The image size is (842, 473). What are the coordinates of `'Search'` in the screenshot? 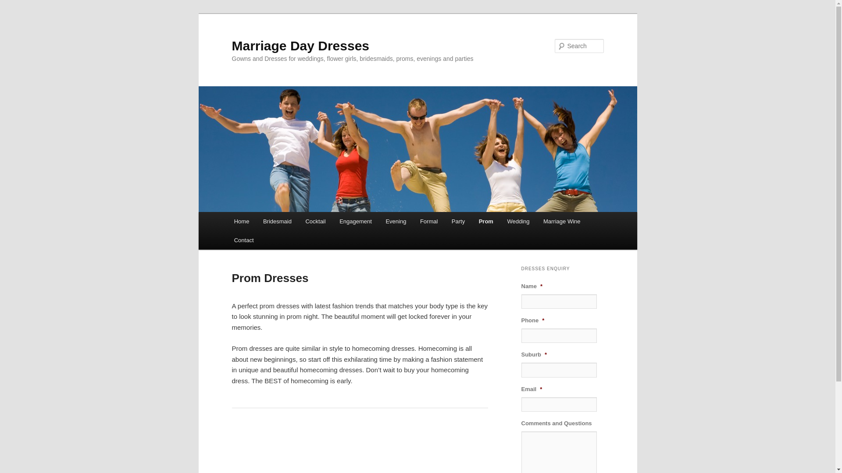 It's located at (14, 5).